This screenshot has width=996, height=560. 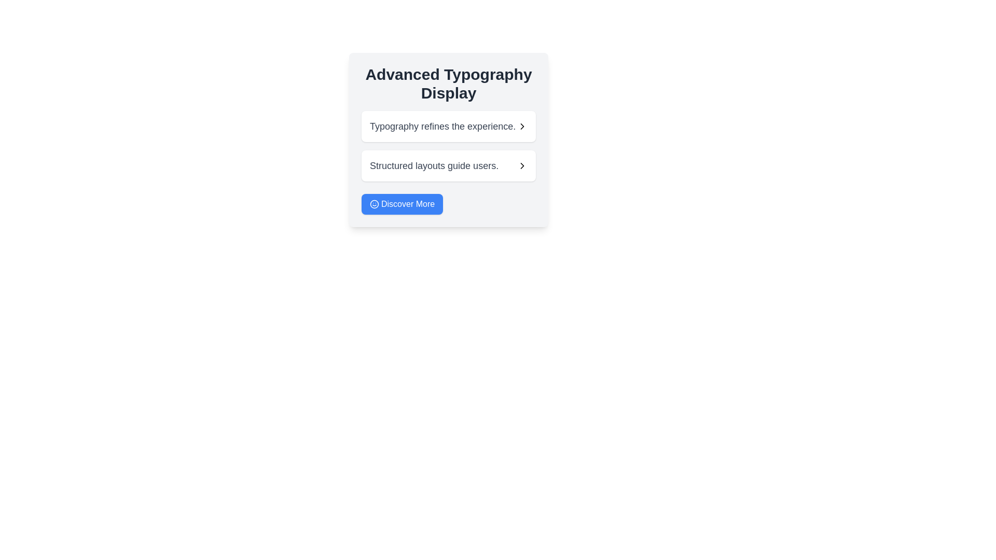 I want to click on the circular icon with a smiling face inside, which is located within the 'Discover More' button at the bottom of a card layout, so click(x=374, y=204).